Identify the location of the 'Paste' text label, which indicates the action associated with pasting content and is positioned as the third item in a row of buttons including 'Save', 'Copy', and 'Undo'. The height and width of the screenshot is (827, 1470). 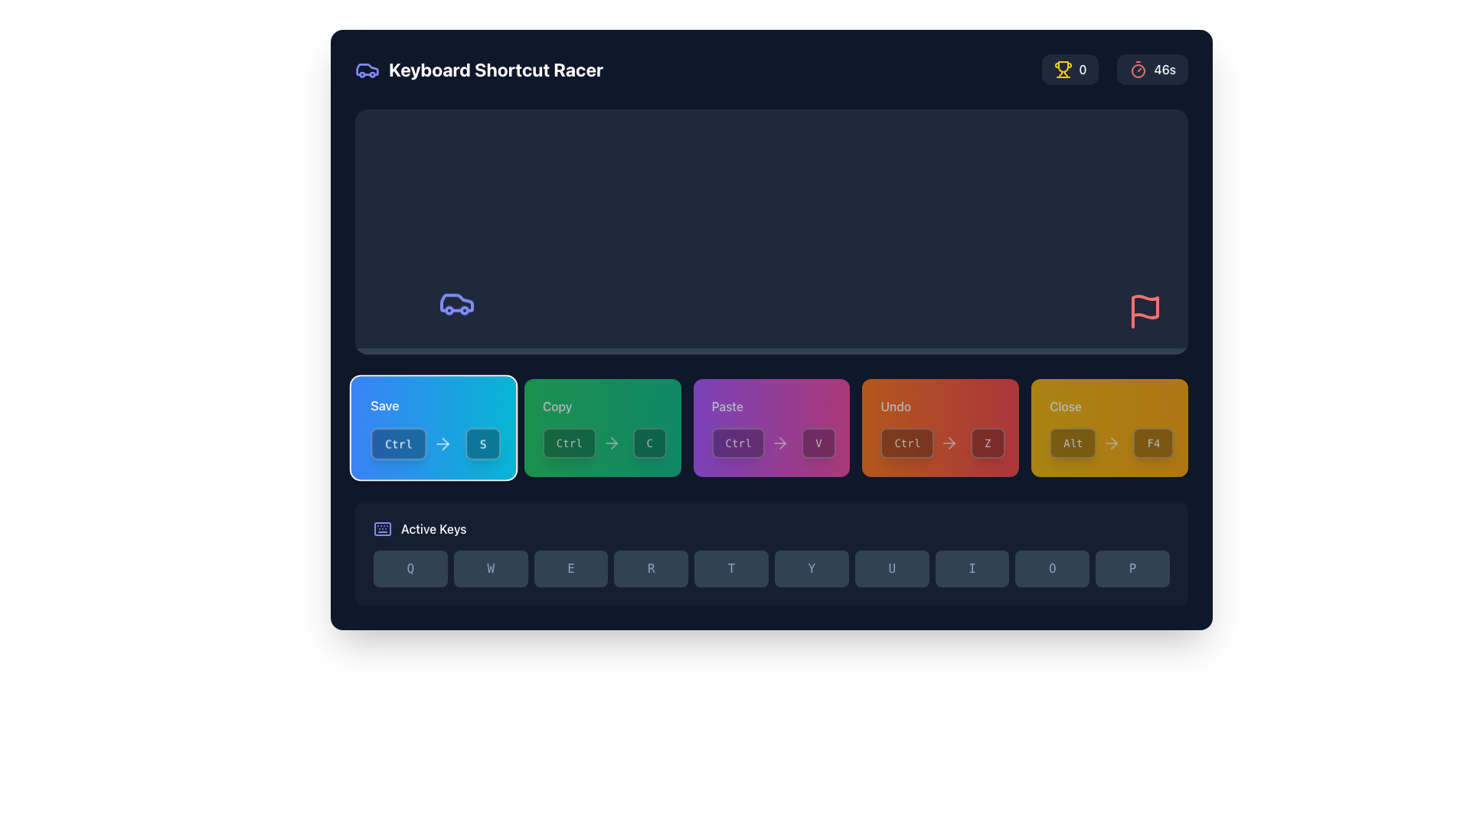
(727, 406).